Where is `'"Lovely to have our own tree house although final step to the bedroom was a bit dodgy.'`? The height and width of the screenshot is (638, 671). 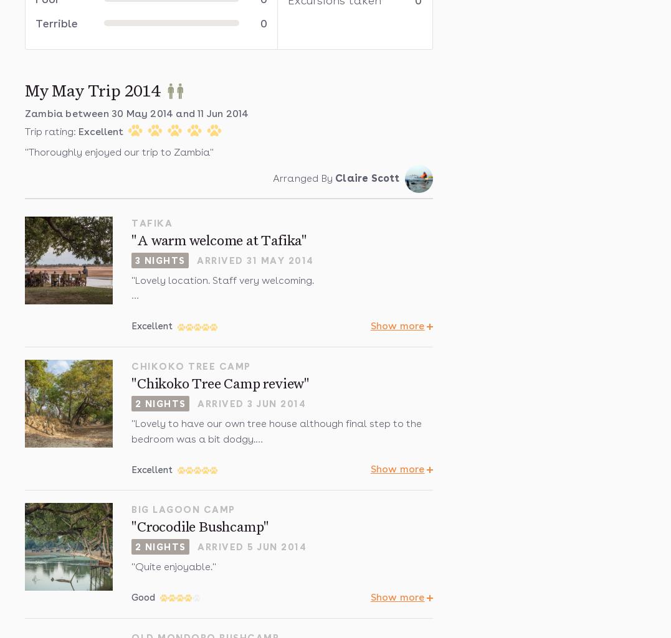
'"Lovely to have our own tree house although final step to the bedroom was a bit dodgy.' is located at coordinates (276, 430).